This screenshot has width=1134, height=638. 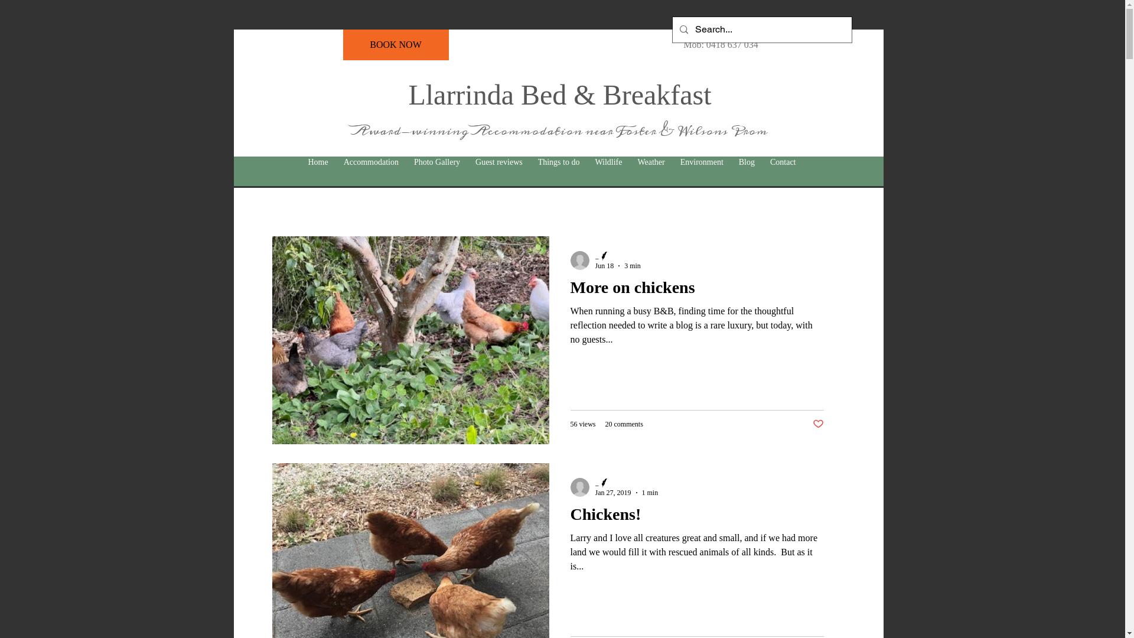 What do you see at coordinates (395, 44) in the screenshot?
I see `'BOOK NOW'` at bounding box center [395, 44].